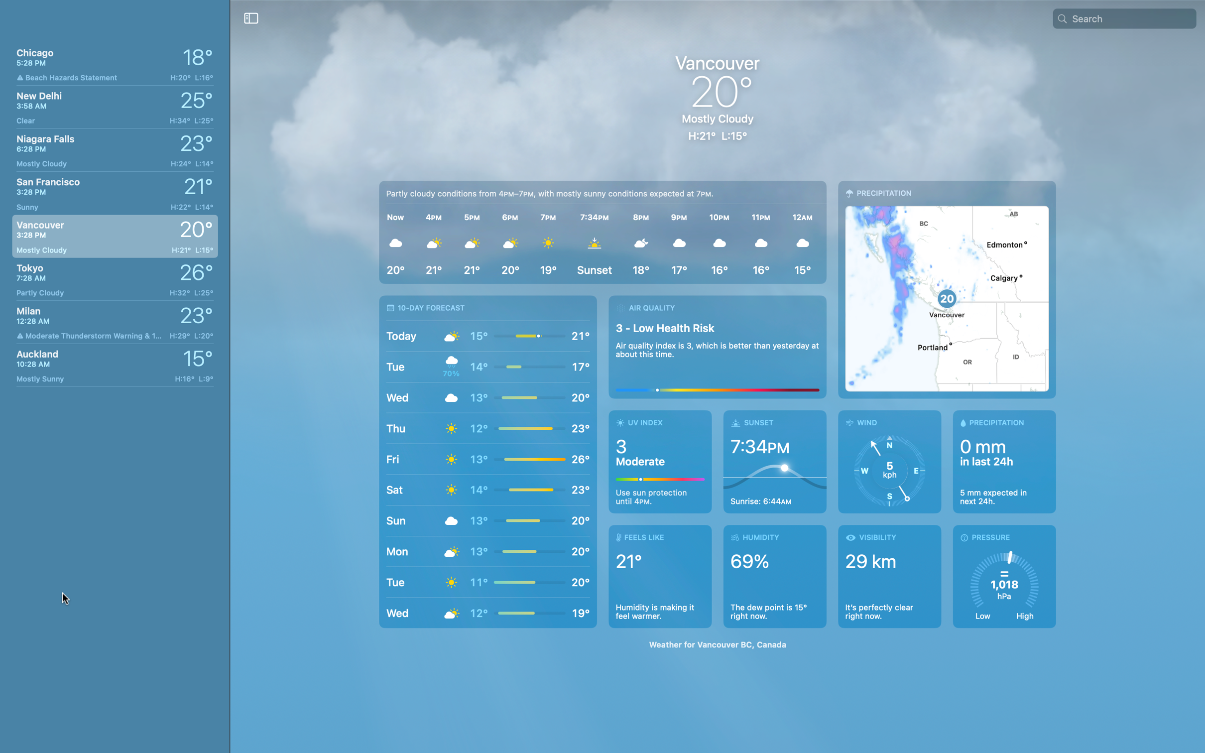  Describe the element at coordinates (775, 461) in the screenshot. I see `Determine the position of the sun in Vancouver` at that location.